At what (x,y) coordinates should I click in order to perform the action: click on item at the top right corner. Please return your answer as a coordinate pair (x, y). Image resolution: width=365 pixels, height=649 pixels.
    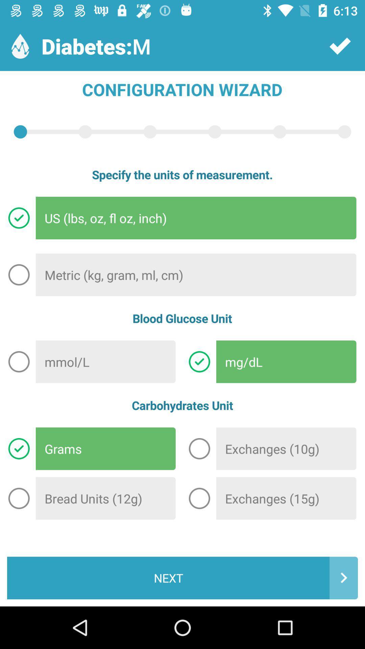
    Looking at the image, I should click on (340, 46).